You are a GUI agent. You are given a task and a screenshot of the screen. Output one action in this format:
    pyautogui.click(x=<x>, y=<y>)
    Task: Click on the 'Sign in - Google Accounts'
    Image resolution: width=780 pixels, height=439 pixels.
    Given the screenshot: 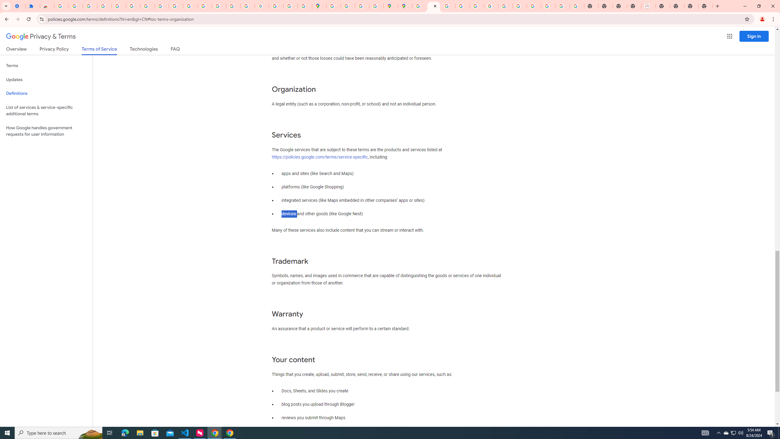 What is the action you would take?
    pyautogui.click(x=133, y=6)
    